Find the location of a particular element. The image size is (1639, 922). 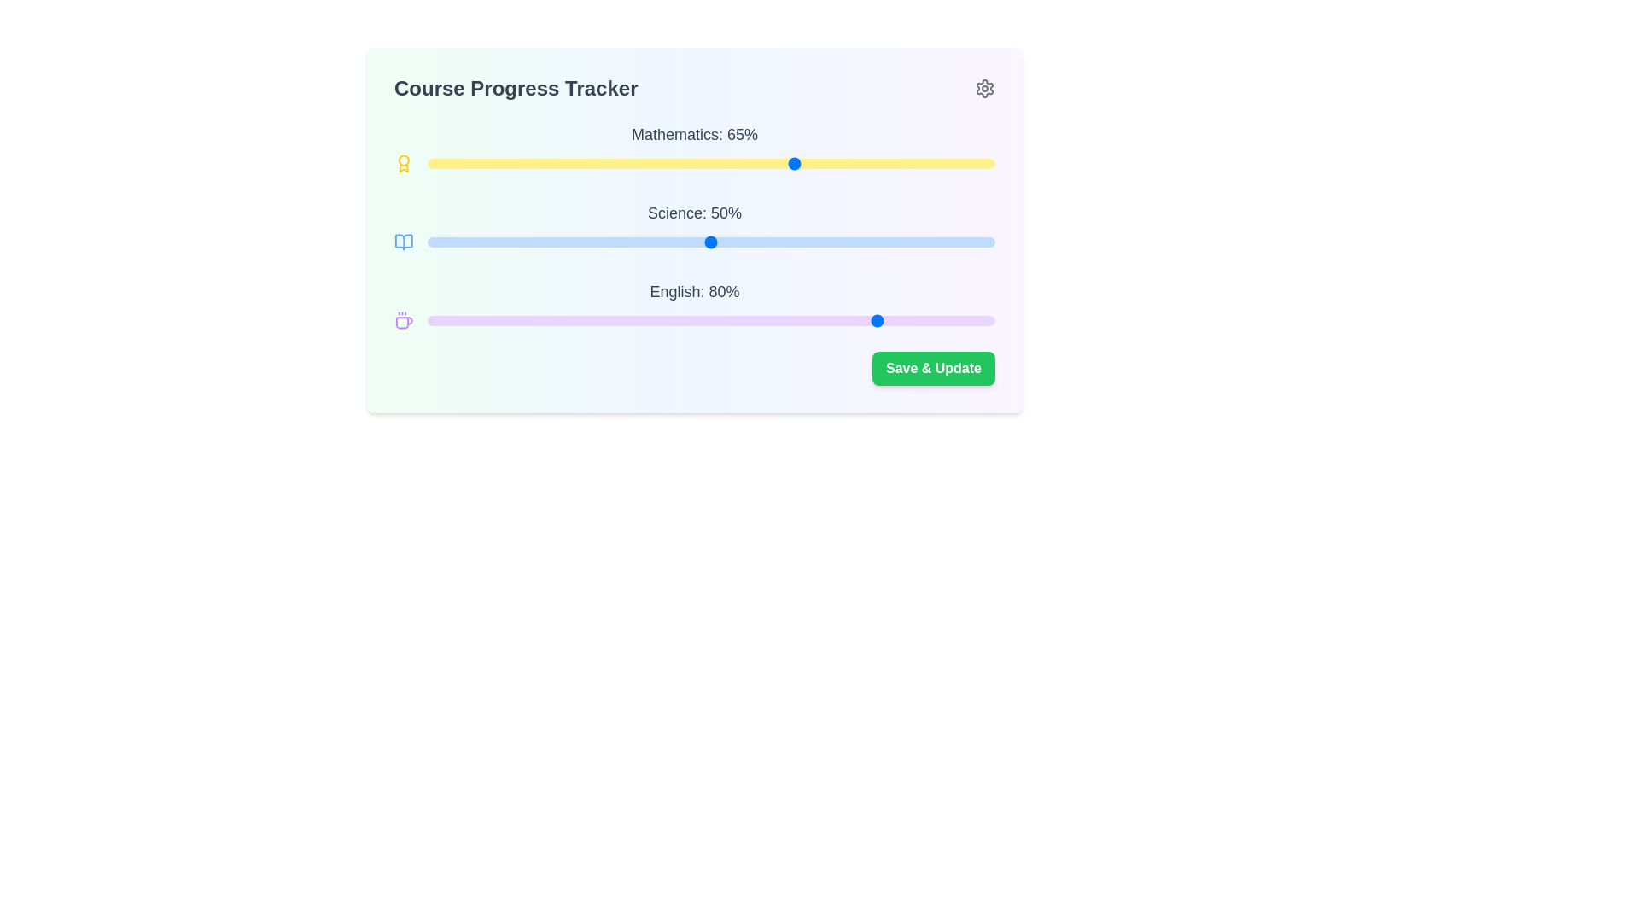

the grouped progress bars labeled 'Mathematics', 'Science', and 'English' to focus on them is located at coordinates (695, 226).